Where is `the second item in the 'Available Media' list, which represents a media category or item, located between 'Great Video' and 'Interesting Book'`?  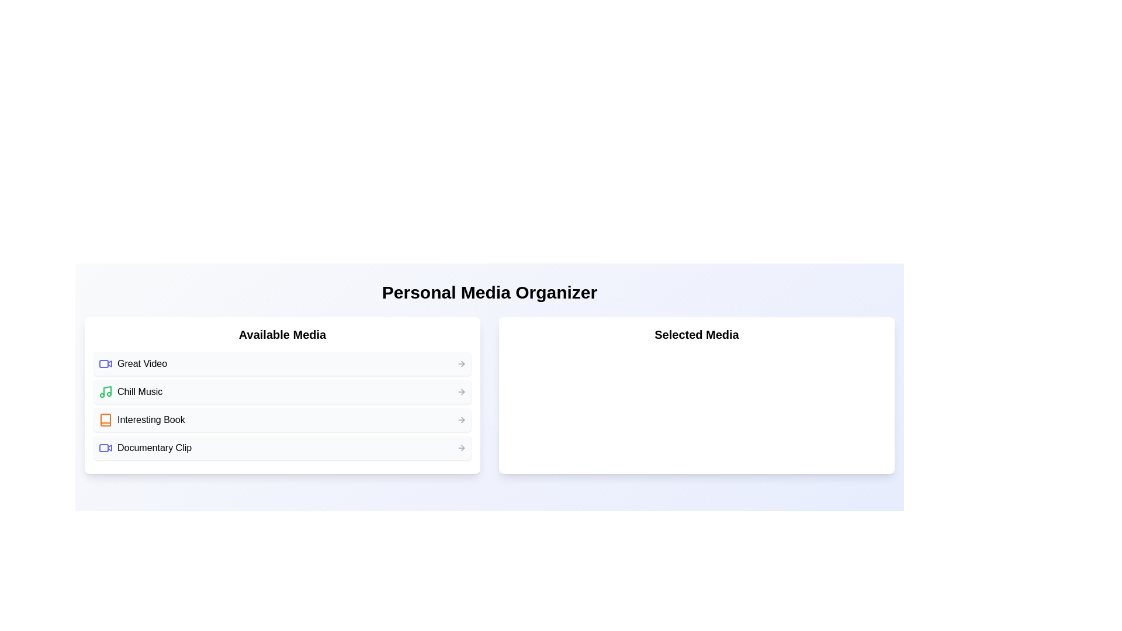 the second item in the 'Available Media' list, which represents a media category or item, located between 'Great Video' and 'Interesting Book' is located at coordinates (282, 392).